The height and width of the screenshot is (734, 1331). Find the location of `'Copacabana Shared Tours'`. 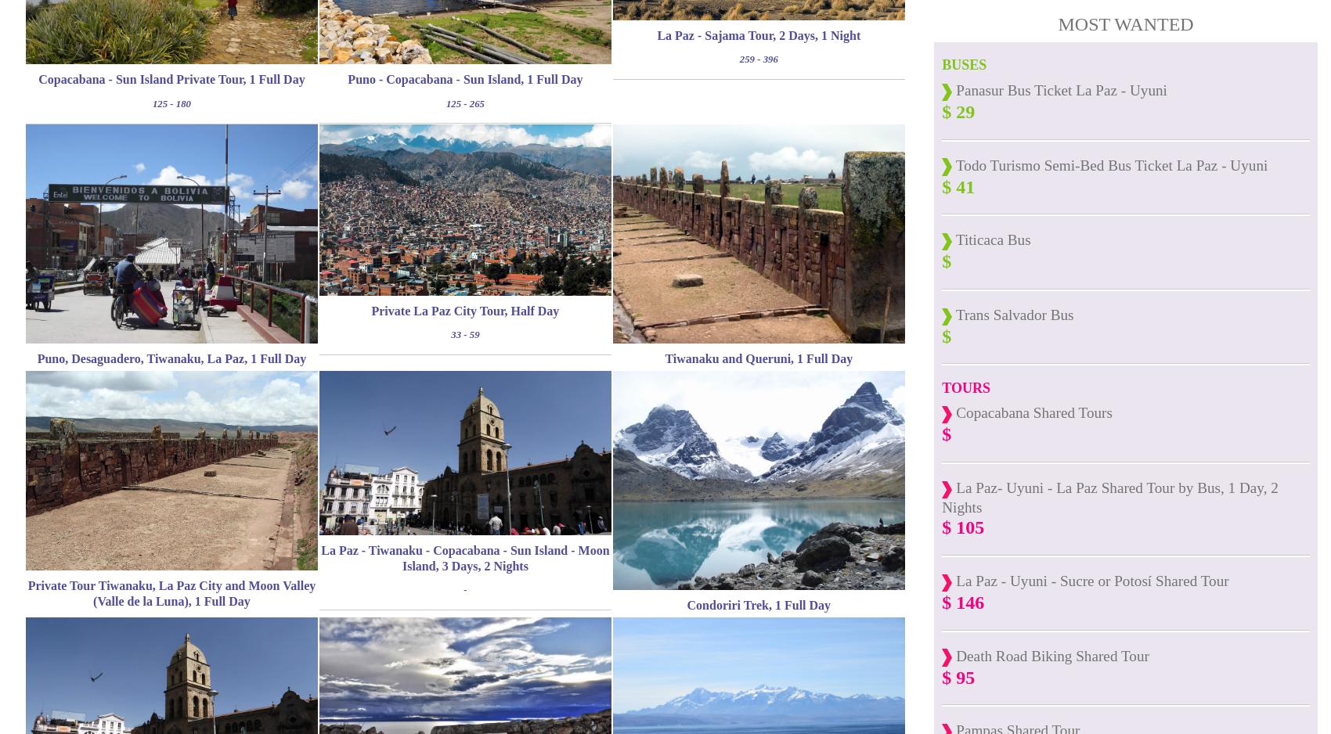

'Copacabana Shared Tours' is located at coordinates (1032, 412).